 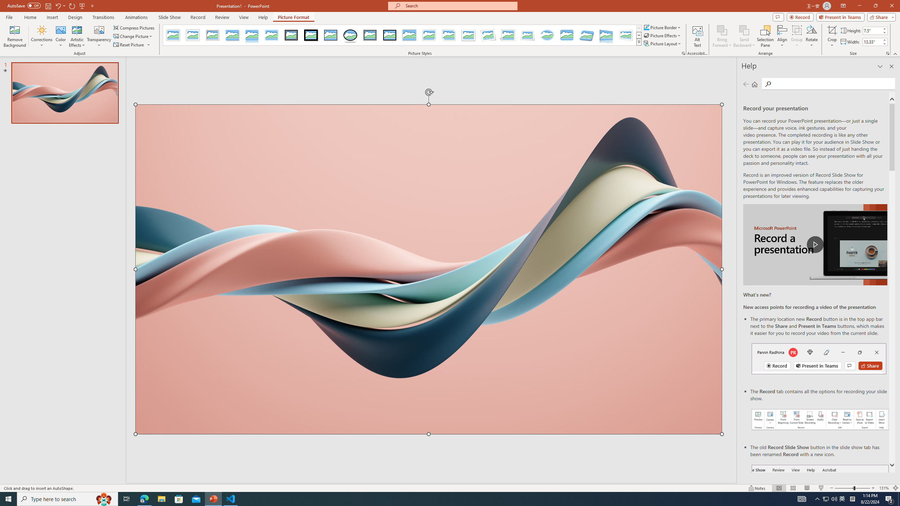 I want to click on 'Bring Forward', so click(x=722, y=30).